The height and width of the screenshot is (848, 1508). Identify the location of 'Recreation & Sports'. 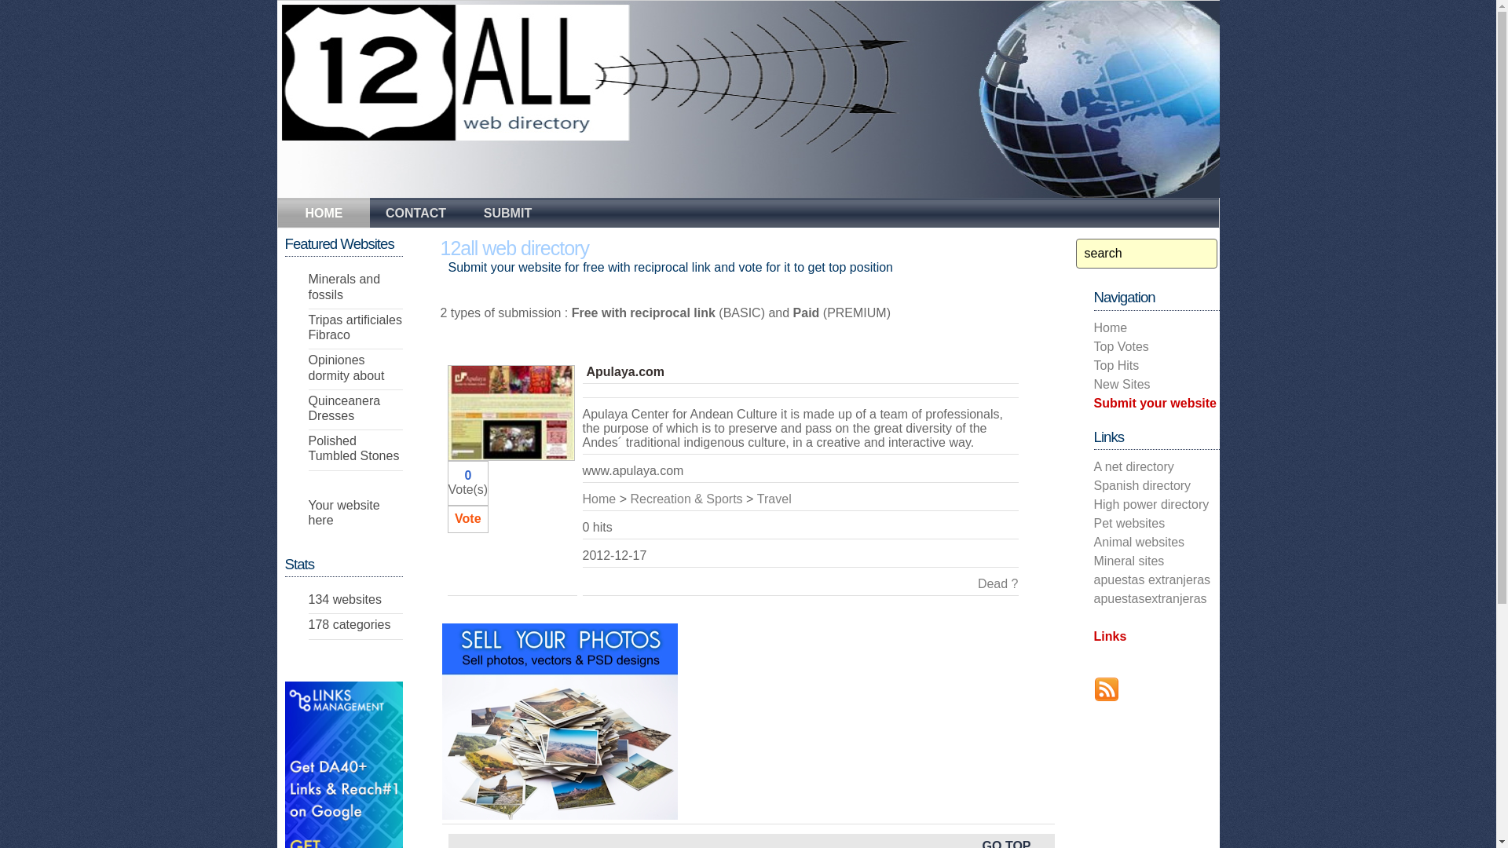
(629, 499).